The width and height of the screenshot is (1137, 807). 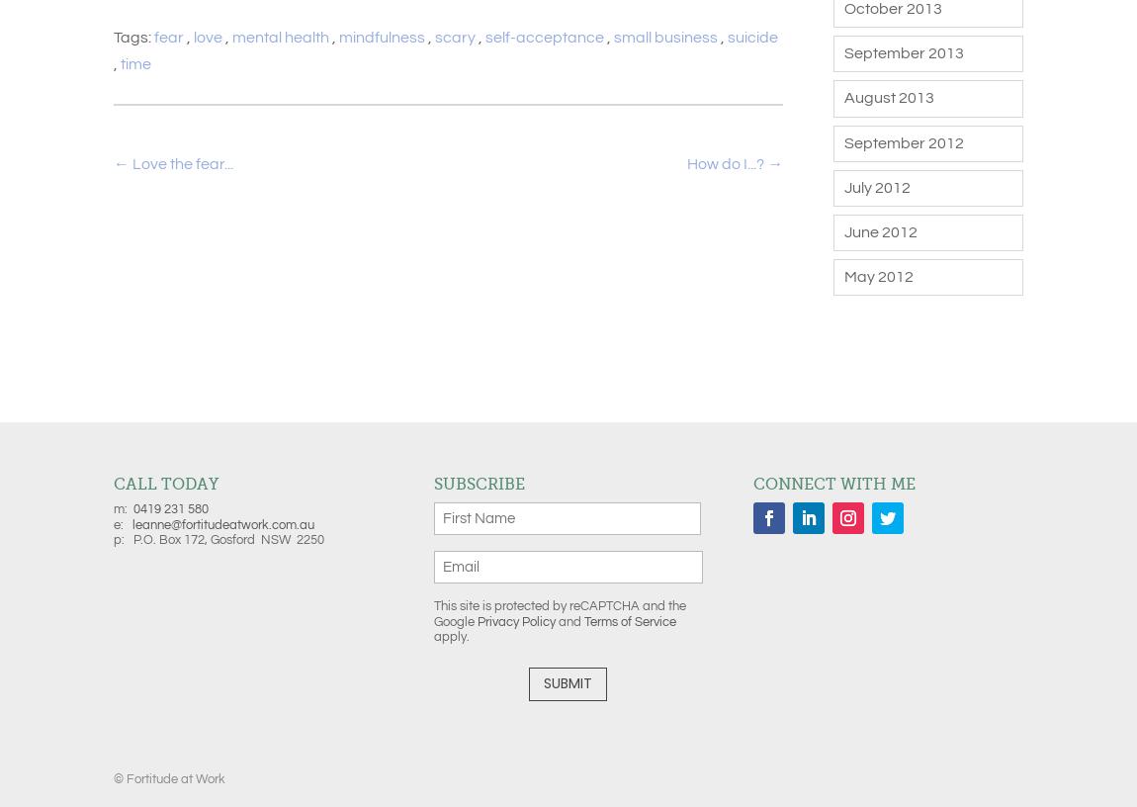 I want to click on 'September 2012', so click(x=903, y=142).